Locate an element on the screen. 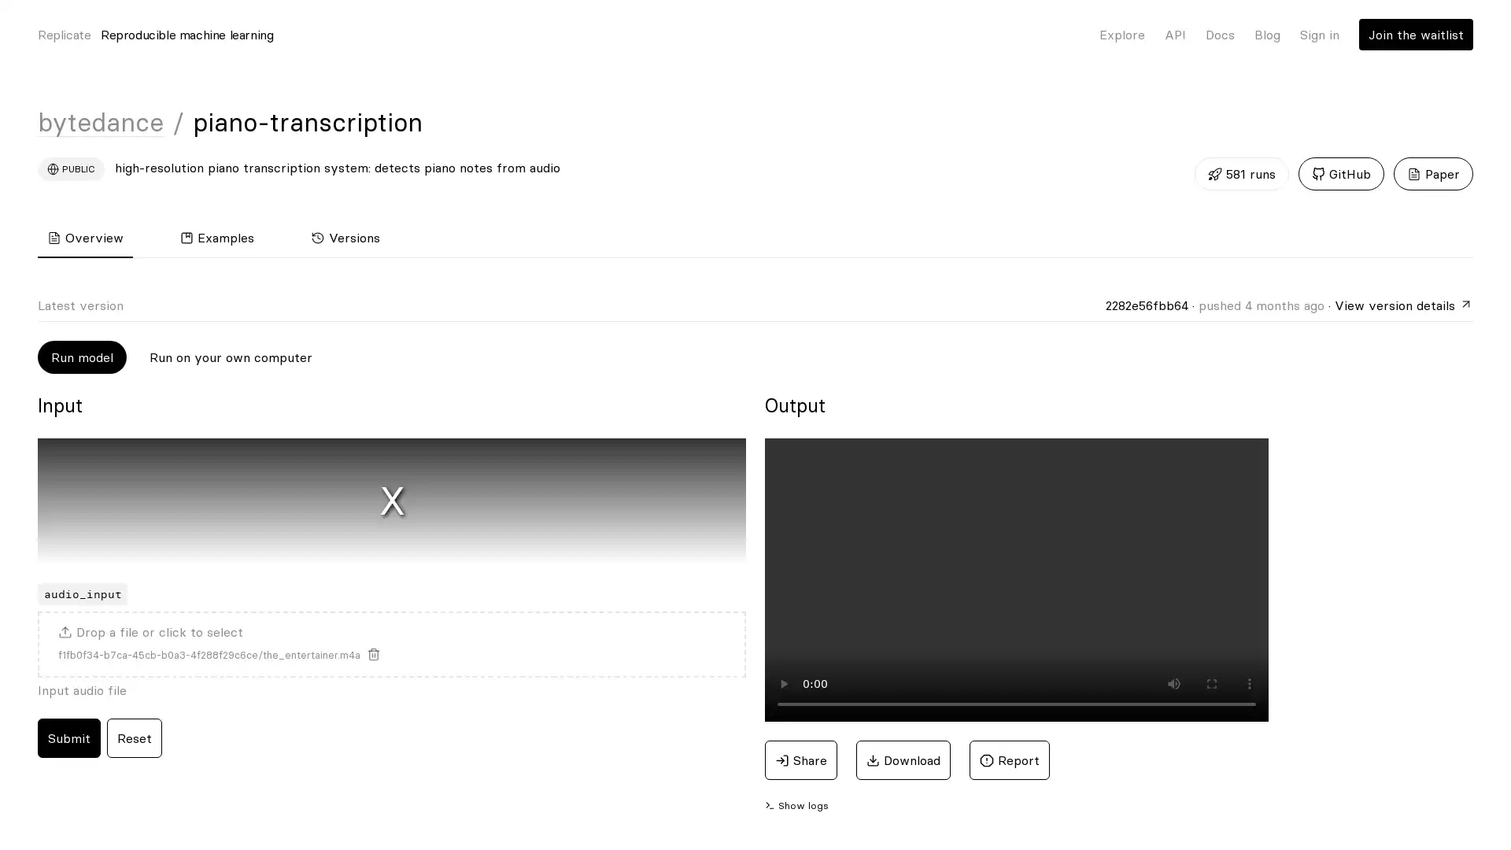 Image resolution: width=1511 pixels, height=850 pixels. Reset is located at coordinates (135, 737).